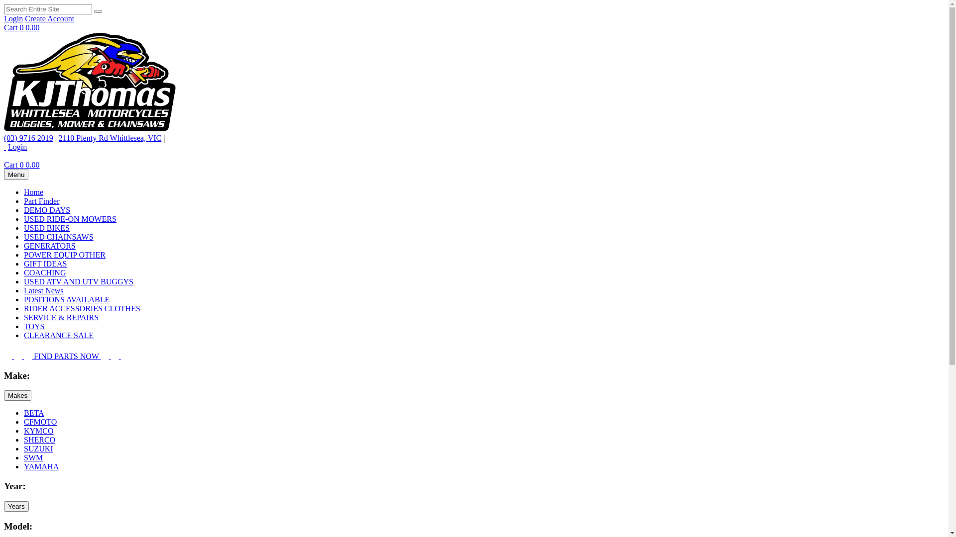  What do you see at coordinates (34, 413) in the screenshot?
I see `'BETA'` at bounding box center [34, 413].